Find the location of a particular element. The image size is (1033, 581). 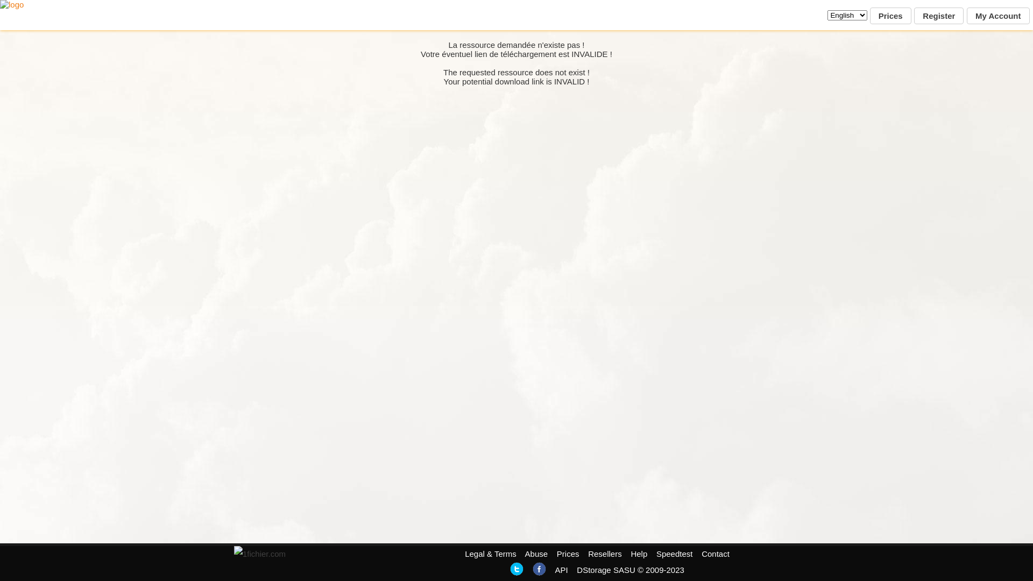

'Register' is located at coordinates (938, 16).